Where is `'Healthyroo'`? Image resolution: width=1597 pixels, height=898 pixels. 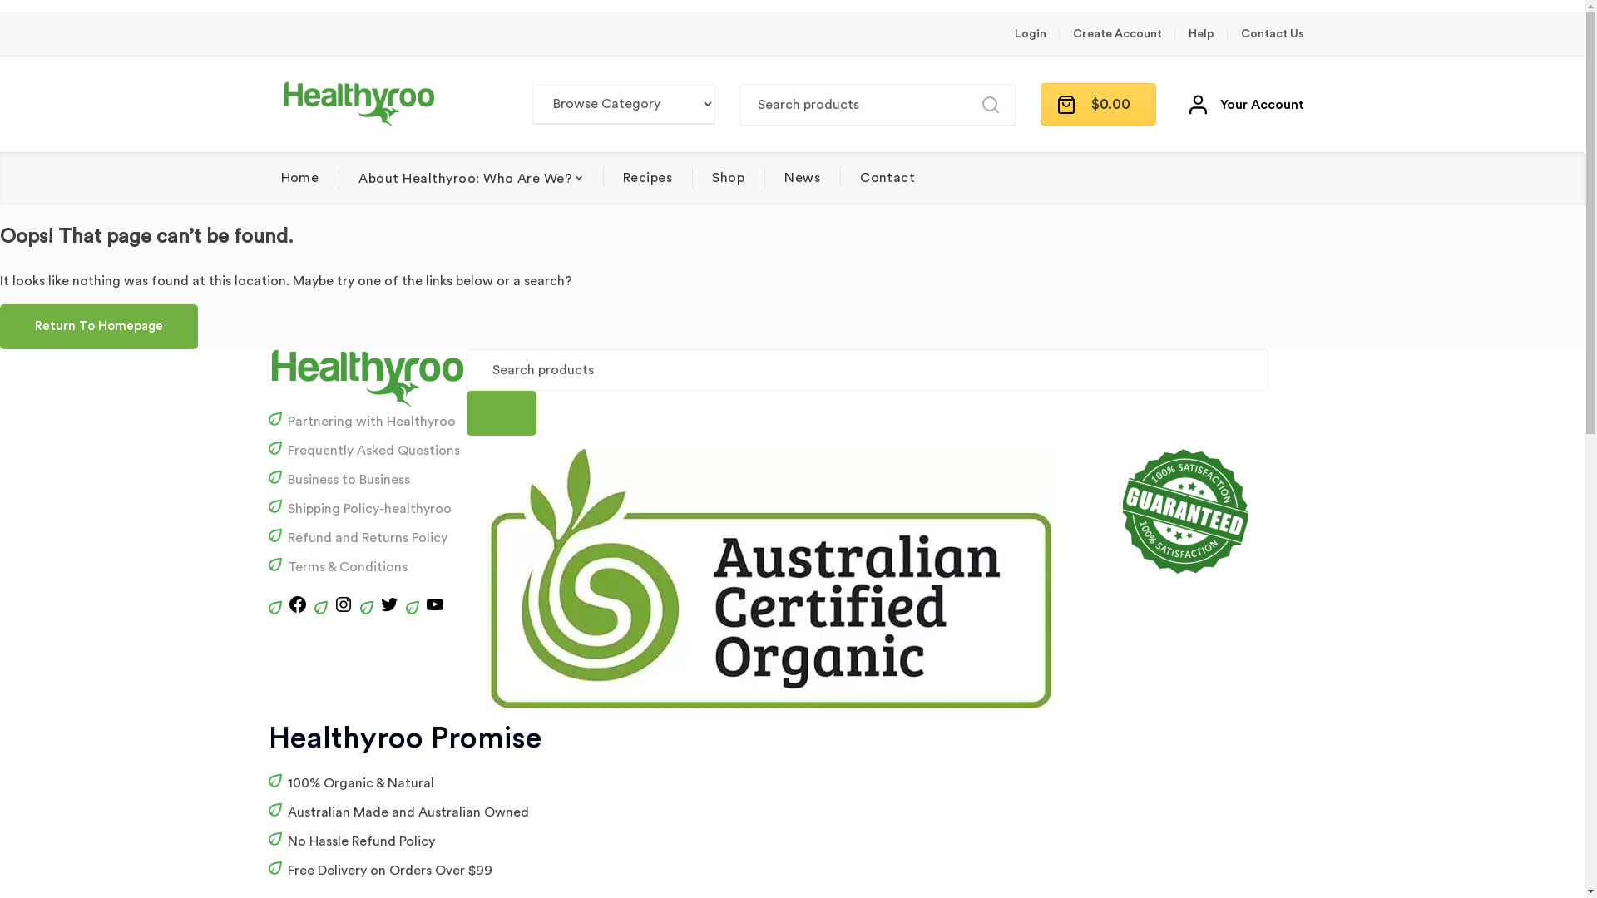 'Healthyroo' is located at coordinates (358, 104).